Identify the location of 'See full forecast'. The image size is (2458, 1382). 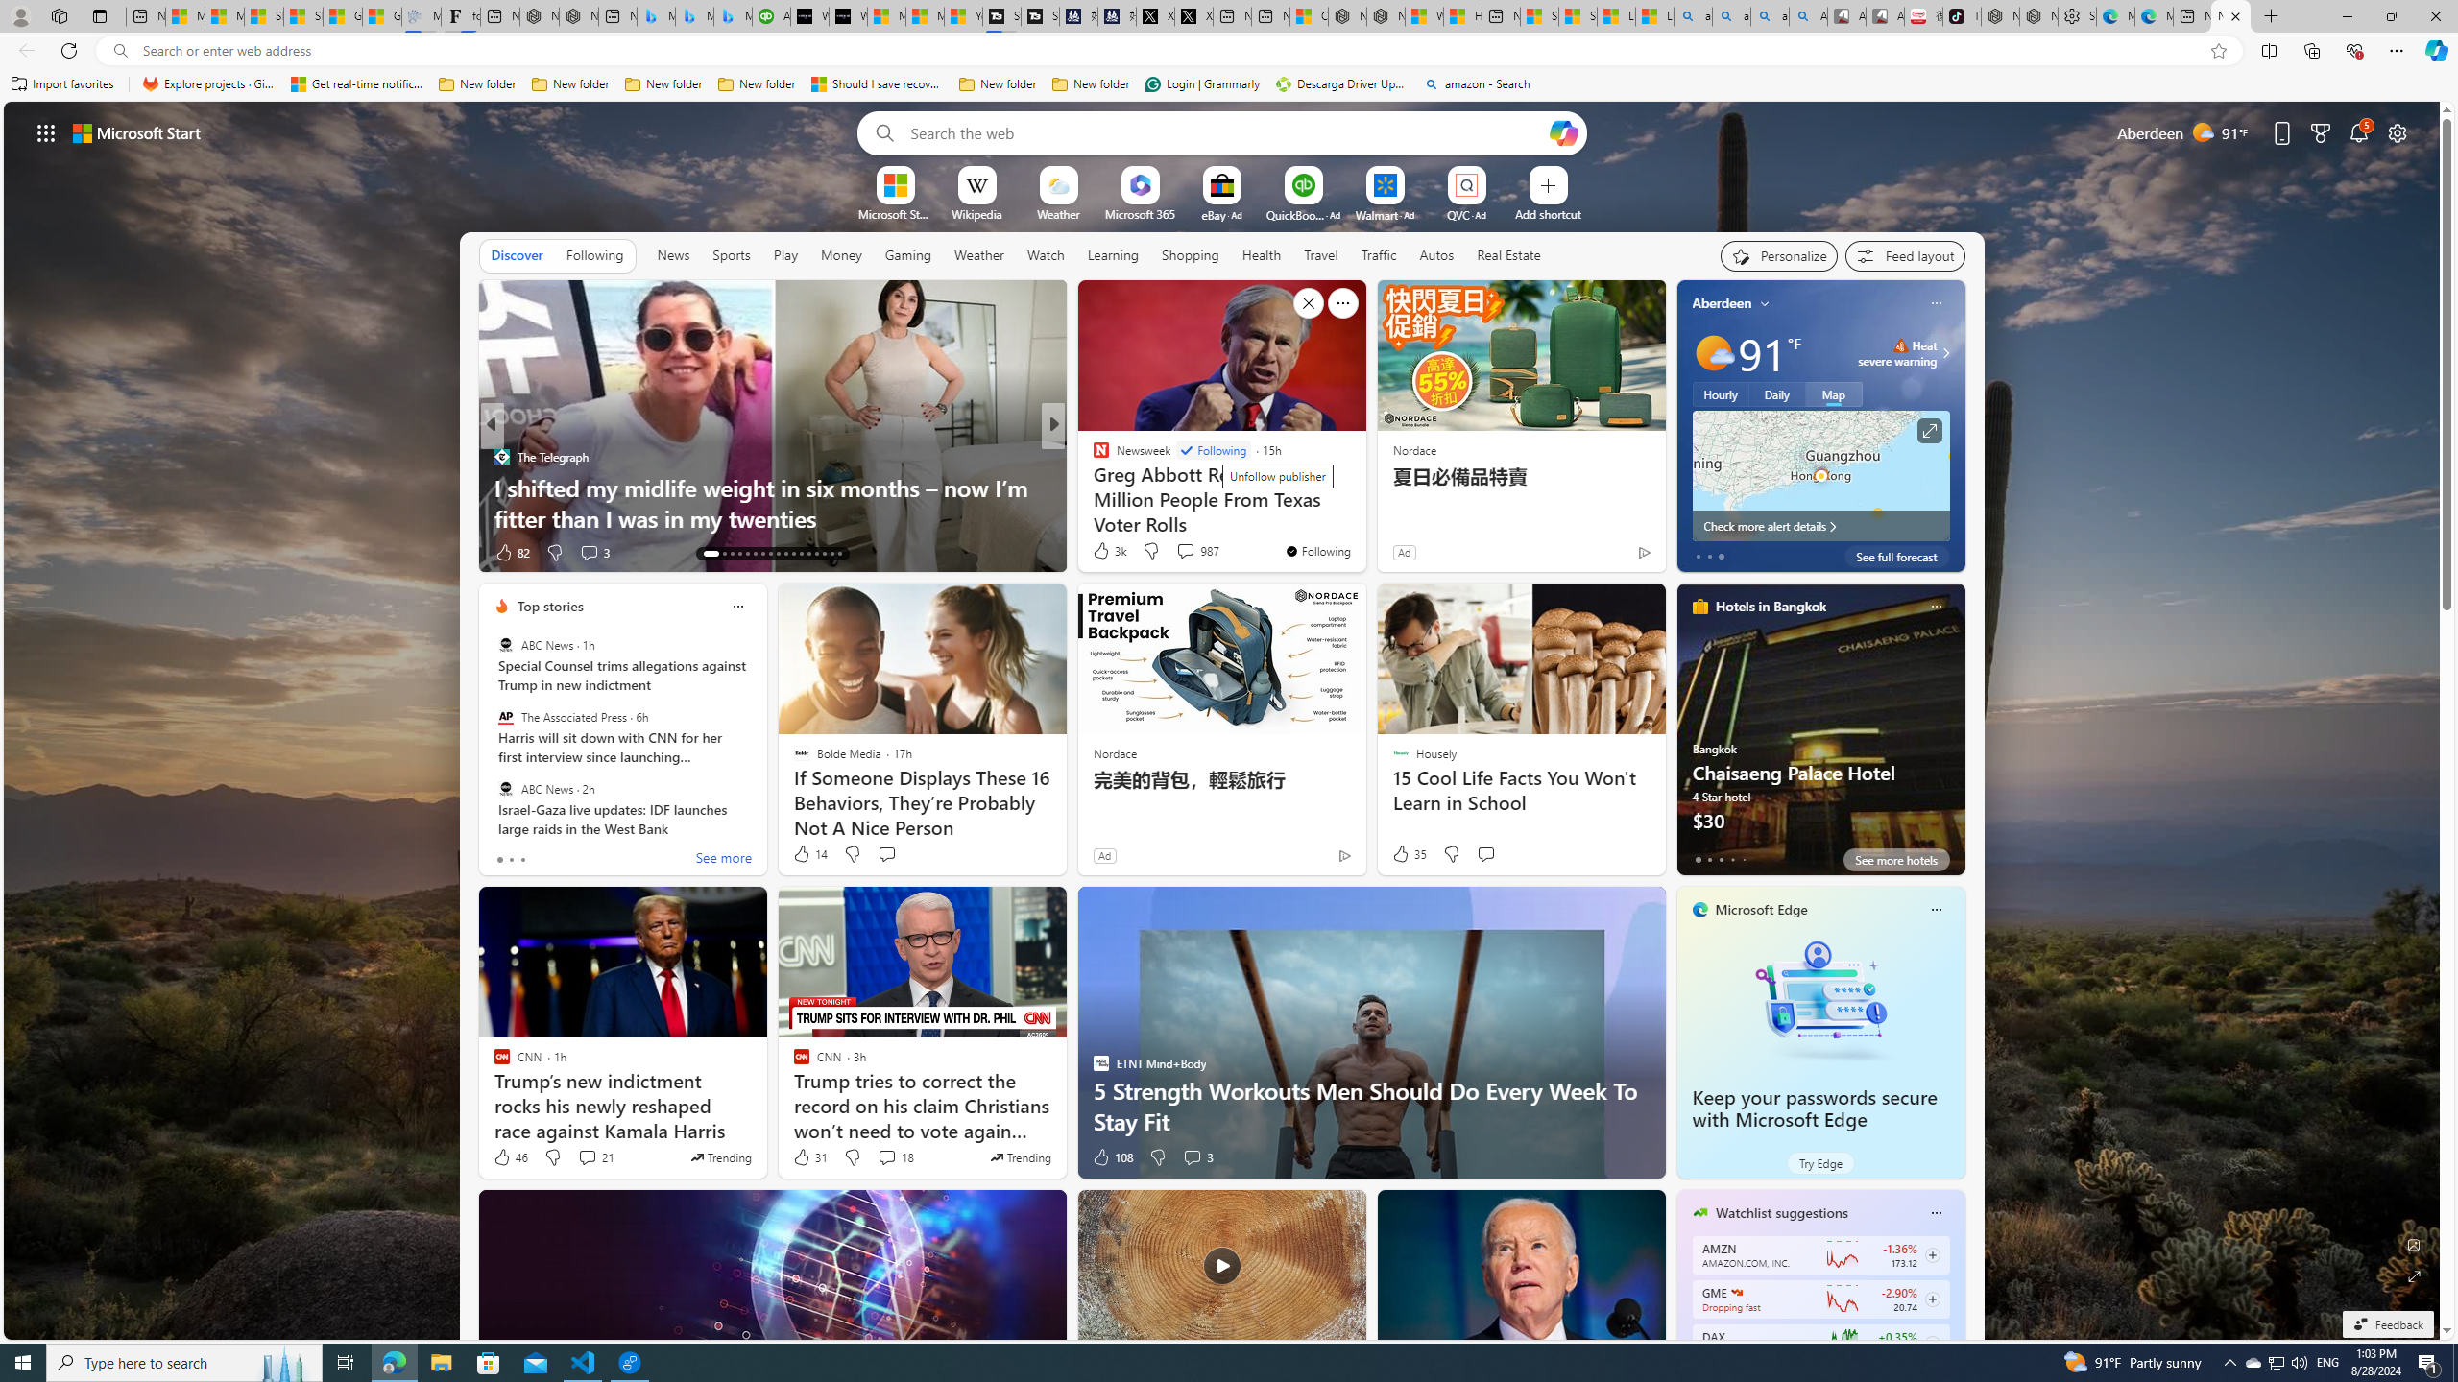
(1895, 555).